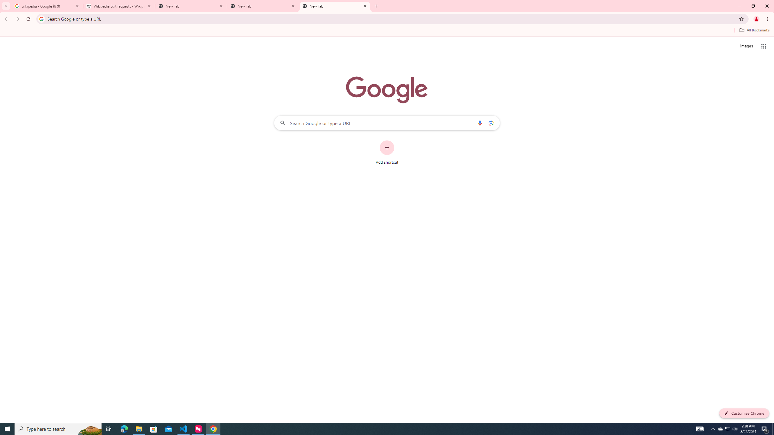 The width and height of the screenshot is (774, 435). I want to click on 'Wikipedia:Edit requests - Wikipedia', so click(119, 6).